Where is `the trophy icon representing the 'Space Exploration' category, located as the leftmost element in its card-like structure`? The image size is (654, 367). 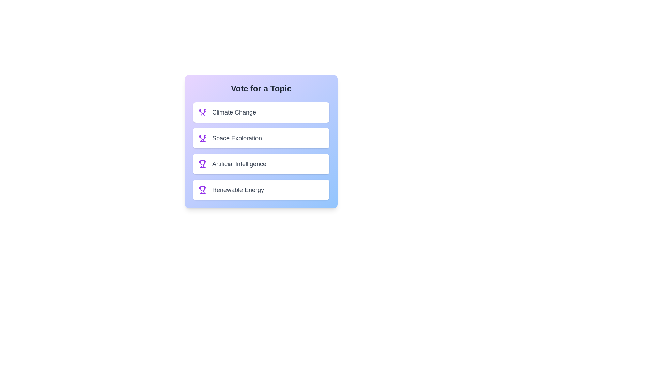
the trophy icon representing the 'Space Exploration' category, located as the leftmost element in its card-like structure is located at coordinates (202, 138).